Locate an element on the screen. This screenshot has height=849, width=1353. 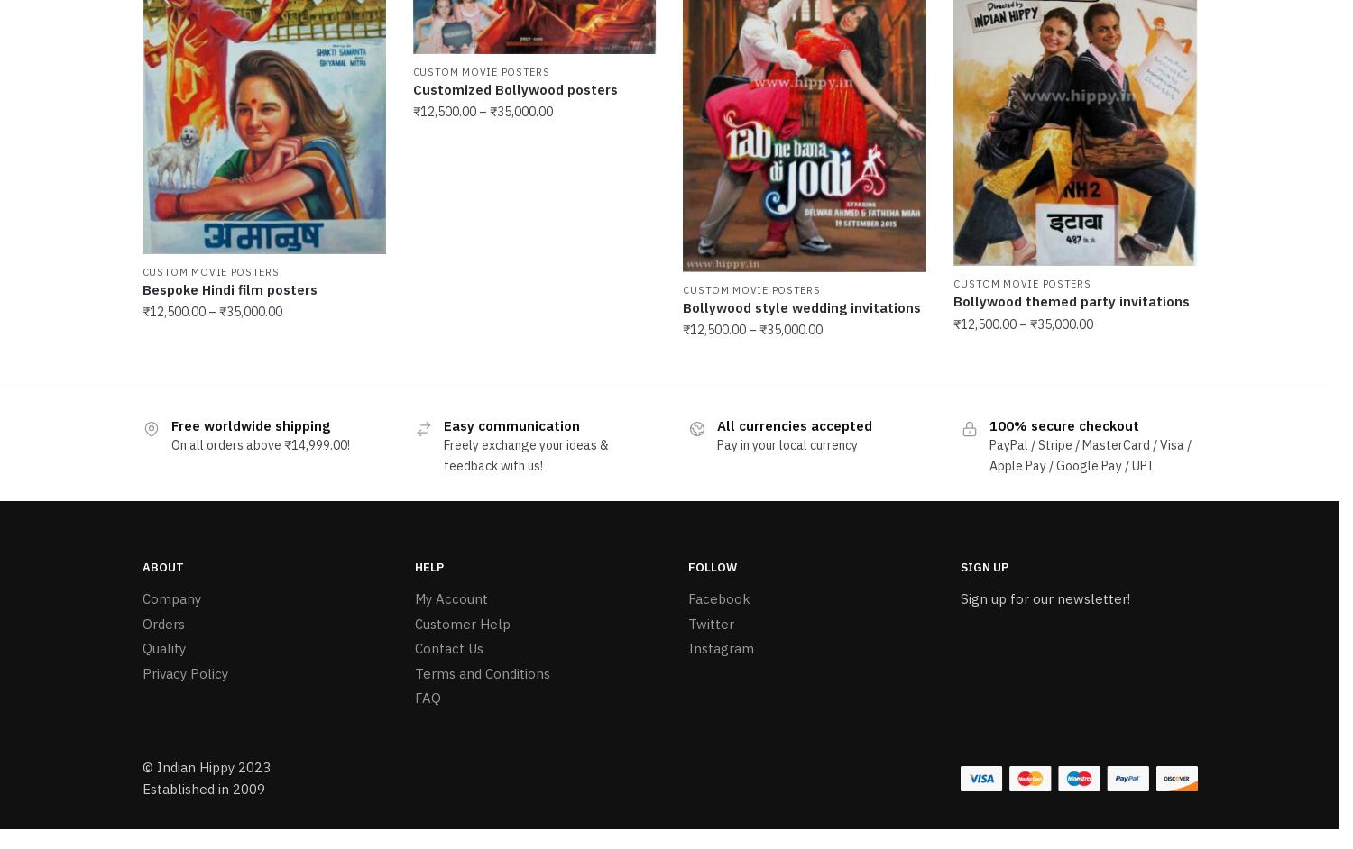
'About' is located at coordinates (162, 562).